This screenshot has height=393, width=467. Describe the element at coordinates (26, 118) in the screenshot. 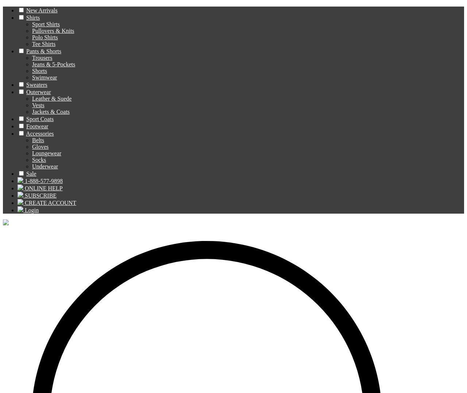

I see `'Sport Coats'` at that location.